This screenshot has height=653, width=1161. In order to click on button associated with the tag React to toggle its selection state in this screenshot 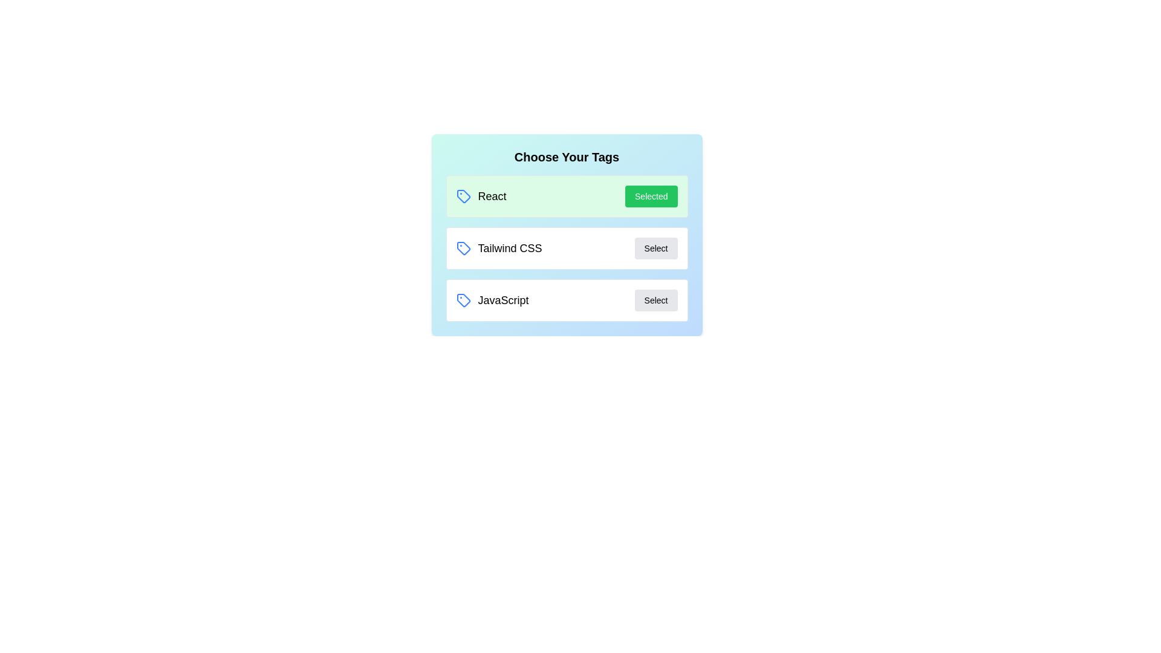, I will do `click(651, 195)`.